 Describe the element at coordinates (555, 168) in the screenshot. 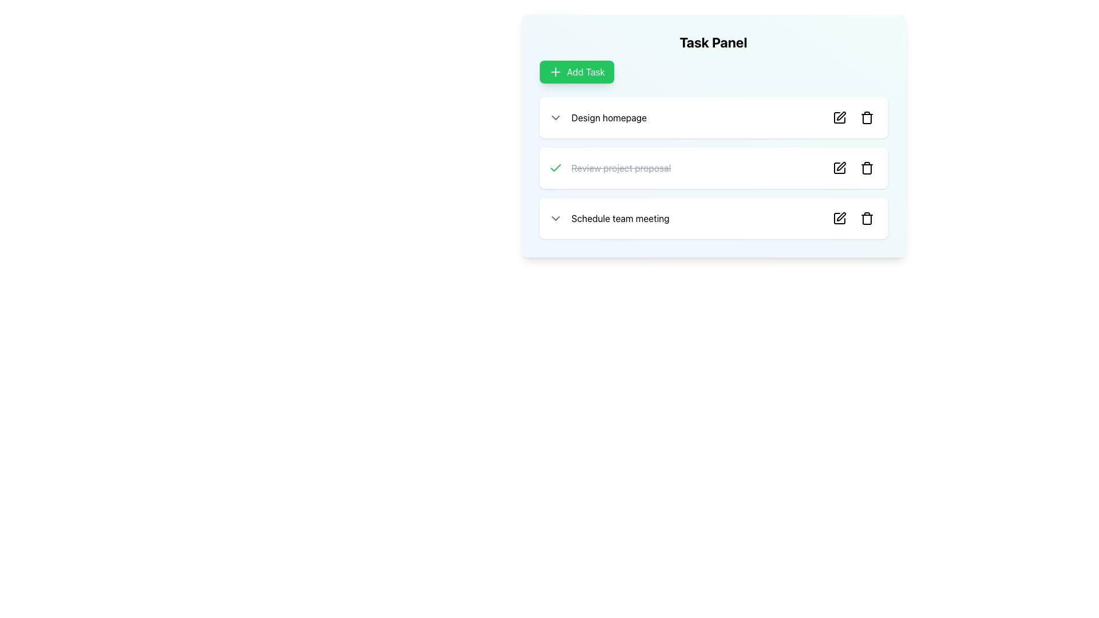

I see `the completion icon located to the left of the 'Review project proposal' task title` at that location.